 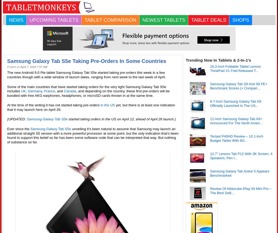 I want to click on 'started taking orders in the US on April 12, ahead of April 26 launch.)', so click(x=121, y=119).